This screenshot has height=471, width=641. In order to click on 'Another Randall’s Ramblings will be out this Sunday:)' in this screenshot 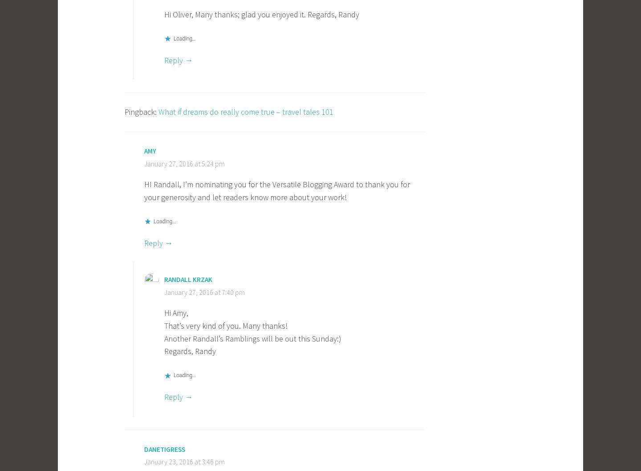, I will do `click(252, 338)`.